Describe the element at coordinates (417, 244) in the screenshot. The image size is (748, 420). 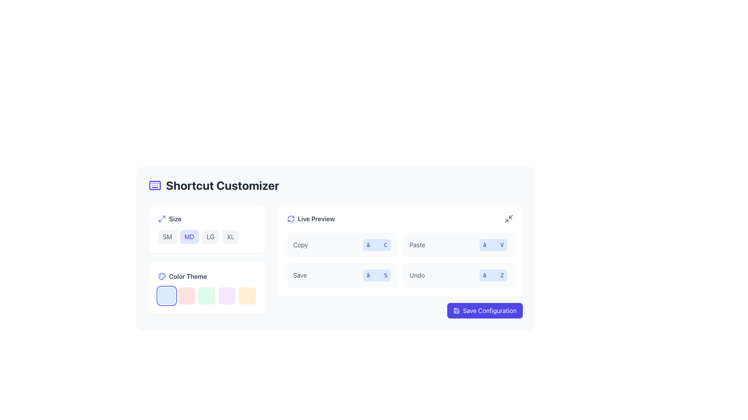
I see `the 'Paste' label located in the second row of the 'Live Preview' section, positioned to the right of the 'Copy' label and to the left of the shortcut combination '⌘ V'` at that location.